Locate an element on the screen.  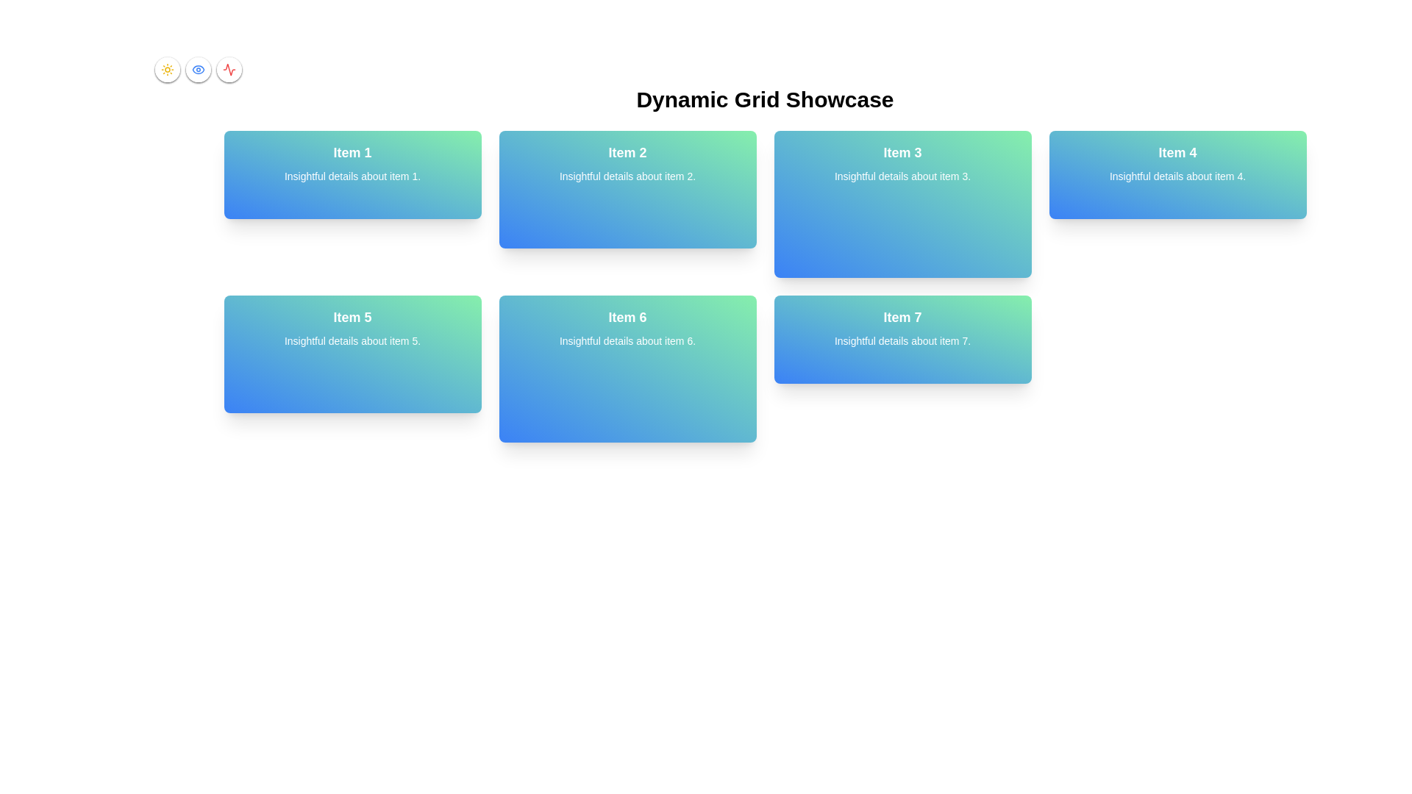
the text label providing additional details about 'Item 6', located below the 'Item 6' title in the second row and second column of the dynamic grid layout is located at coordinates (627, 340).